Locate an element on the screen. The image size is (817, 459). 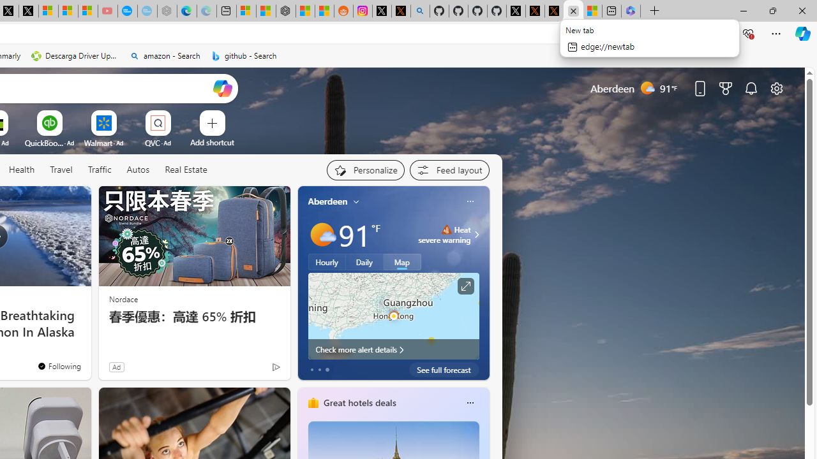
'Minimize' is located at coordinates (743, 10).